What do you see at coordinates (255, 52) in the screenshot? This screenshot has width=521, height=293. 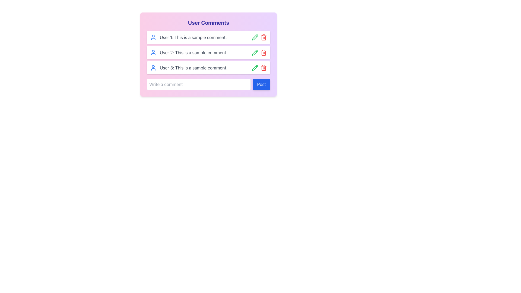 I see `the 'Edit' button located to the right of the second comment row titled 'User 2: This is a sample comment.'` at bounding box center [255, 52].